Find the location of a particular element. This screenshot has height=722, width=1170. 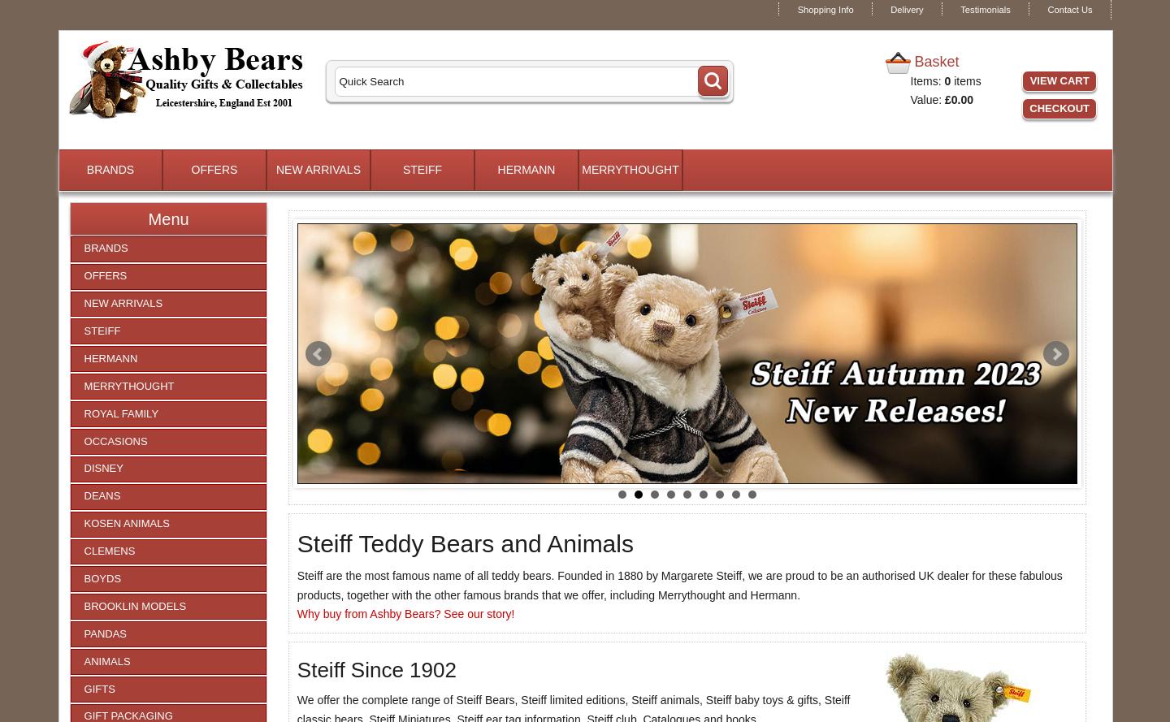

'STEIFF' is located at coordinates (421, 169).